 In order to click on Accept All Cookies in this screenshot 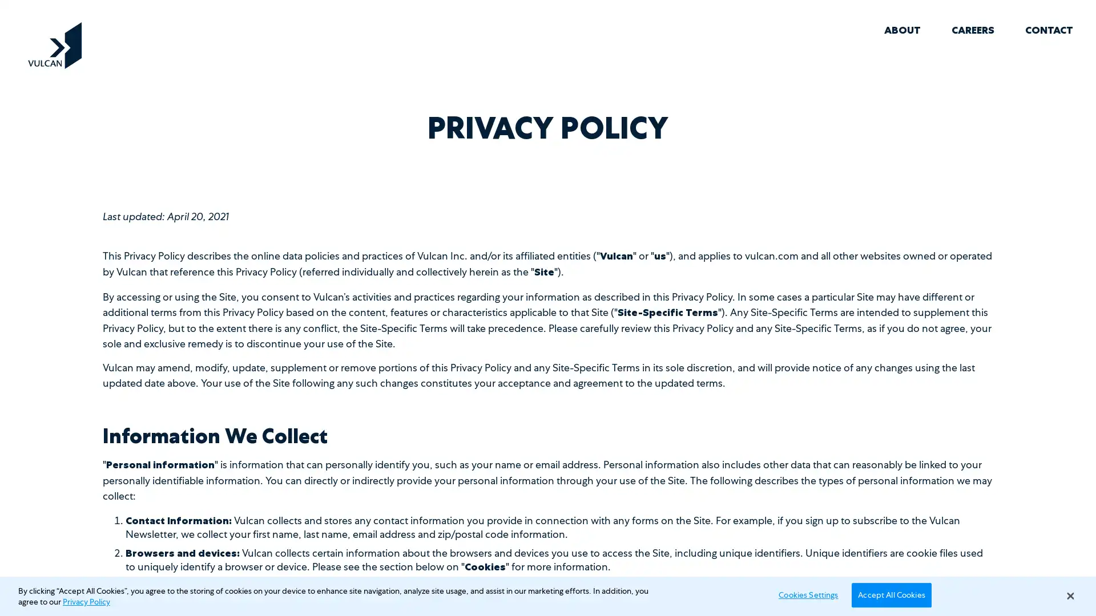, I will do `click(890, 594)`.